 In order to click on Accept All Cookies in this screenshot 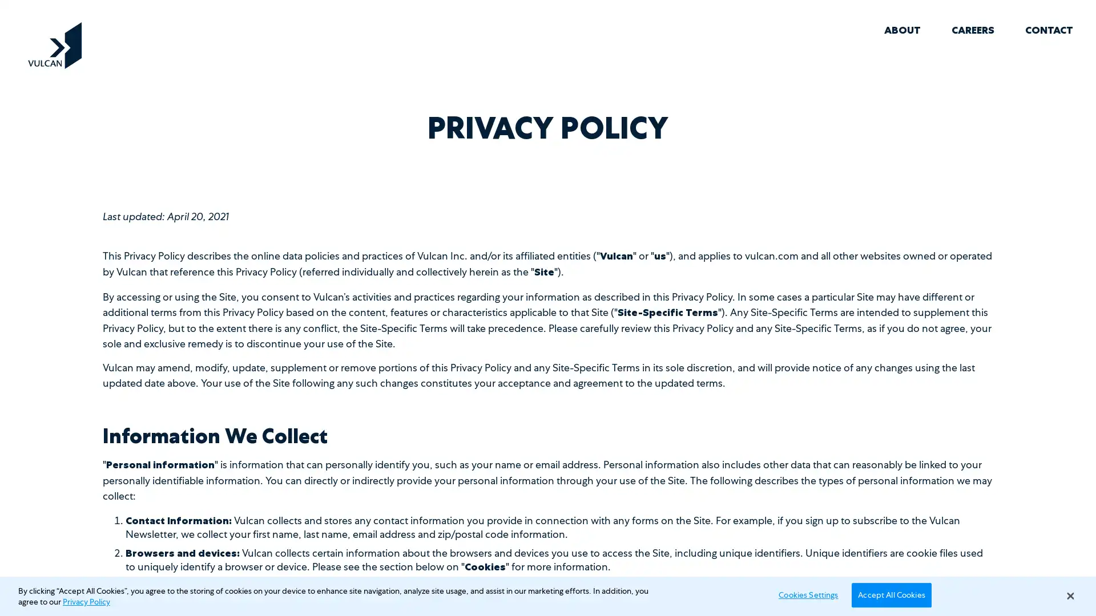, I will do `click(890, 594)`.